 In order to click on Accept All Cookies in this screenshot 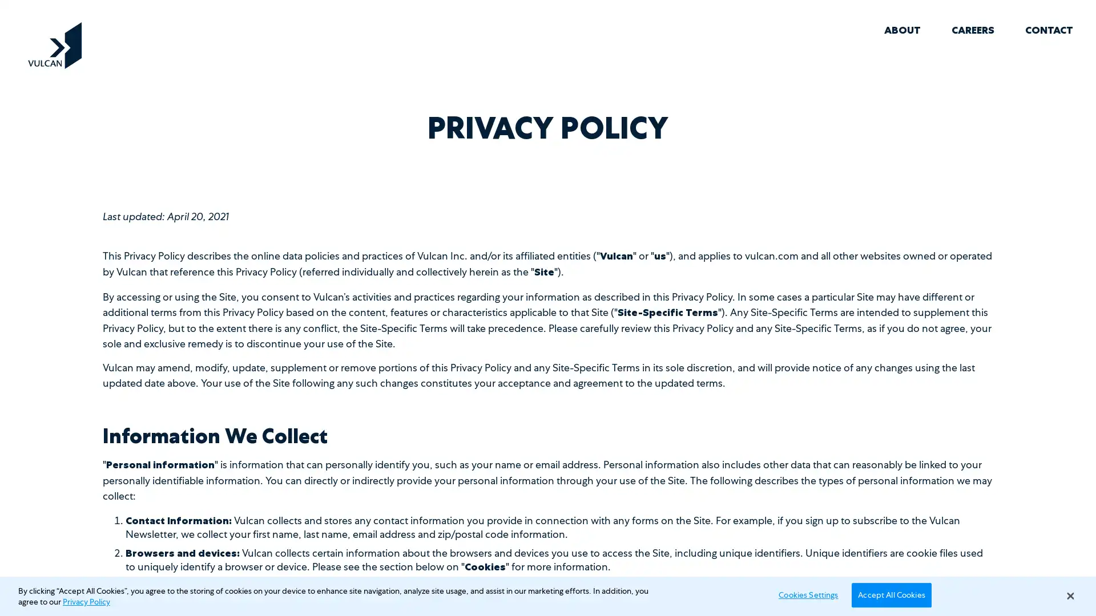, I will do `click(890, 594)`.